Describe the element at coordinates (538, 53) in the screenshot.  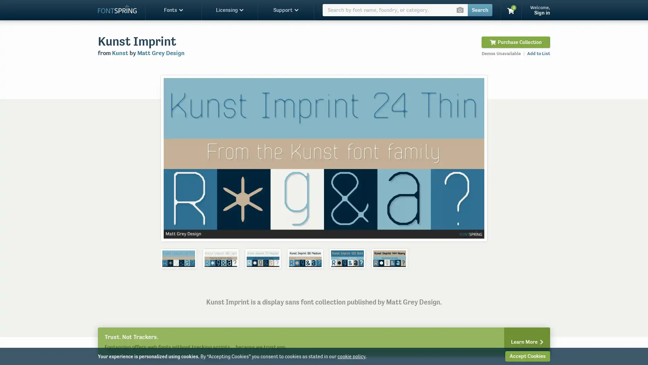
I see `Add to List` at that location.